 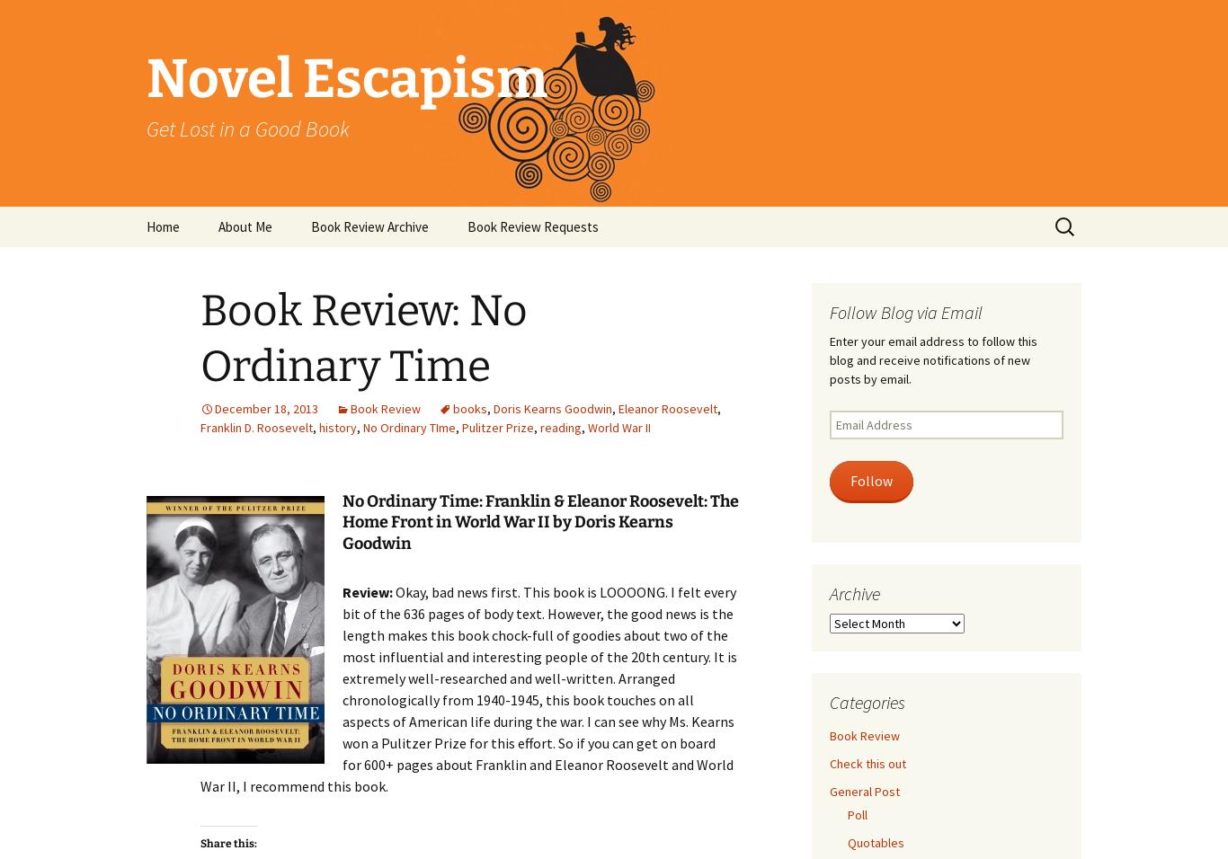 What do you see at coordinates (366, 591) in the screenshot?
I see `'Review:'` at bounding box center [366, 591].